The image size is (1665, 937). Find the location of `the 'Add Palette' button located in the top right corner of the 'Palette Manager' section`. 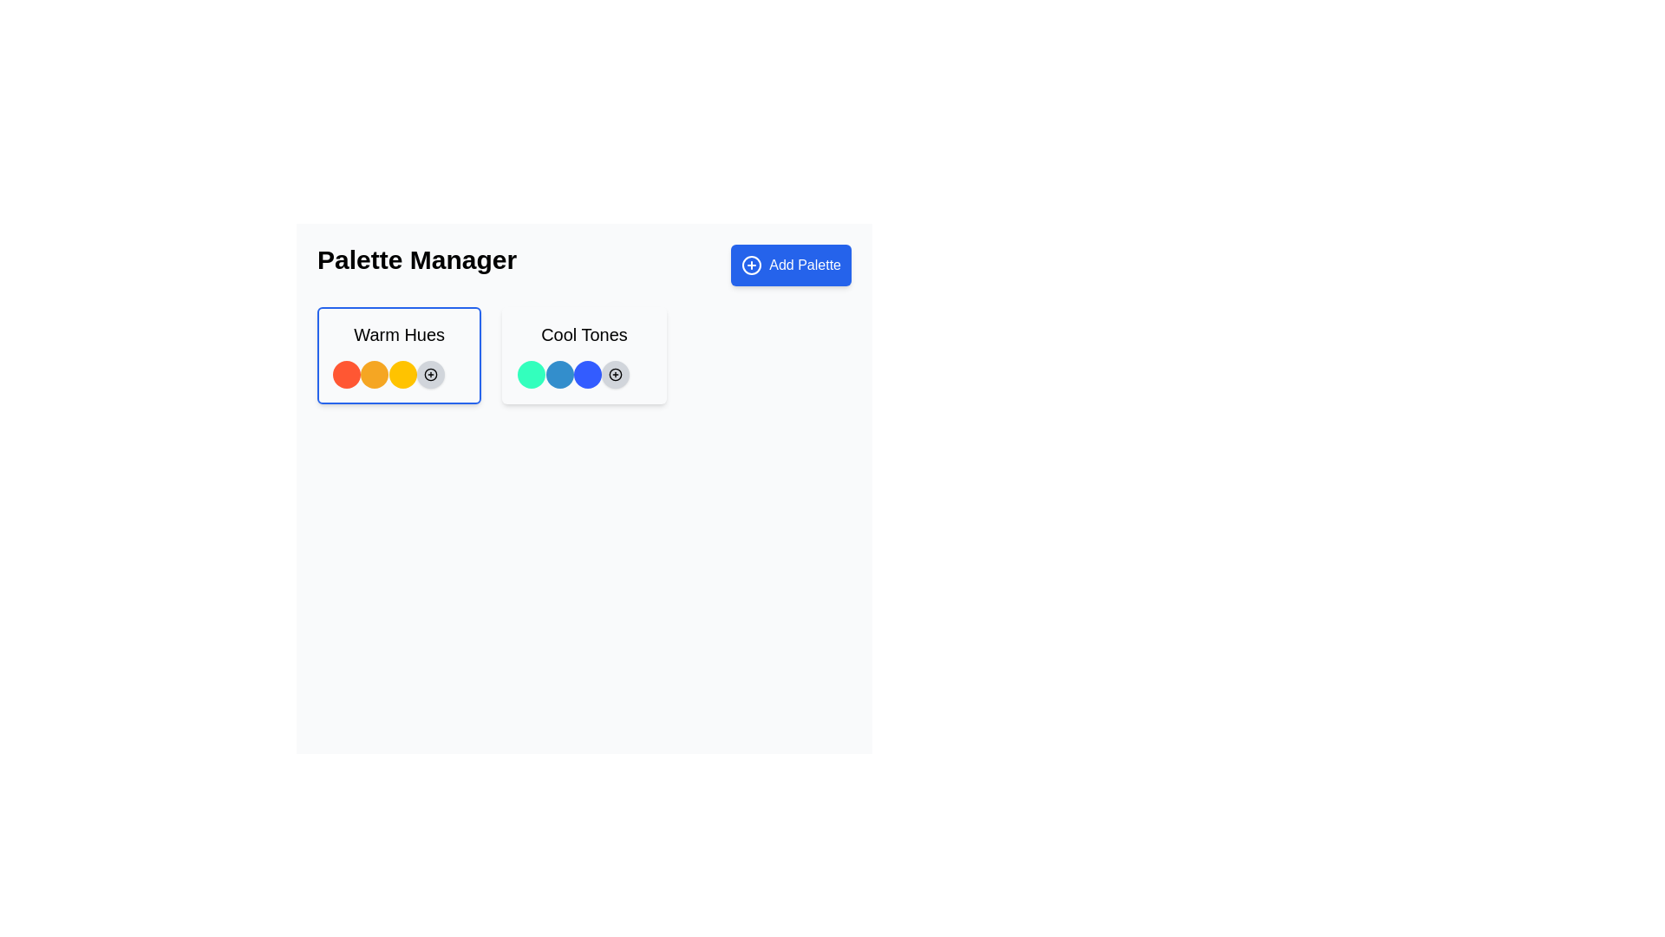

the 'Add Palette' button located in the top right corner of the 'Palette Manager' section is located at coordinates (790, 265).